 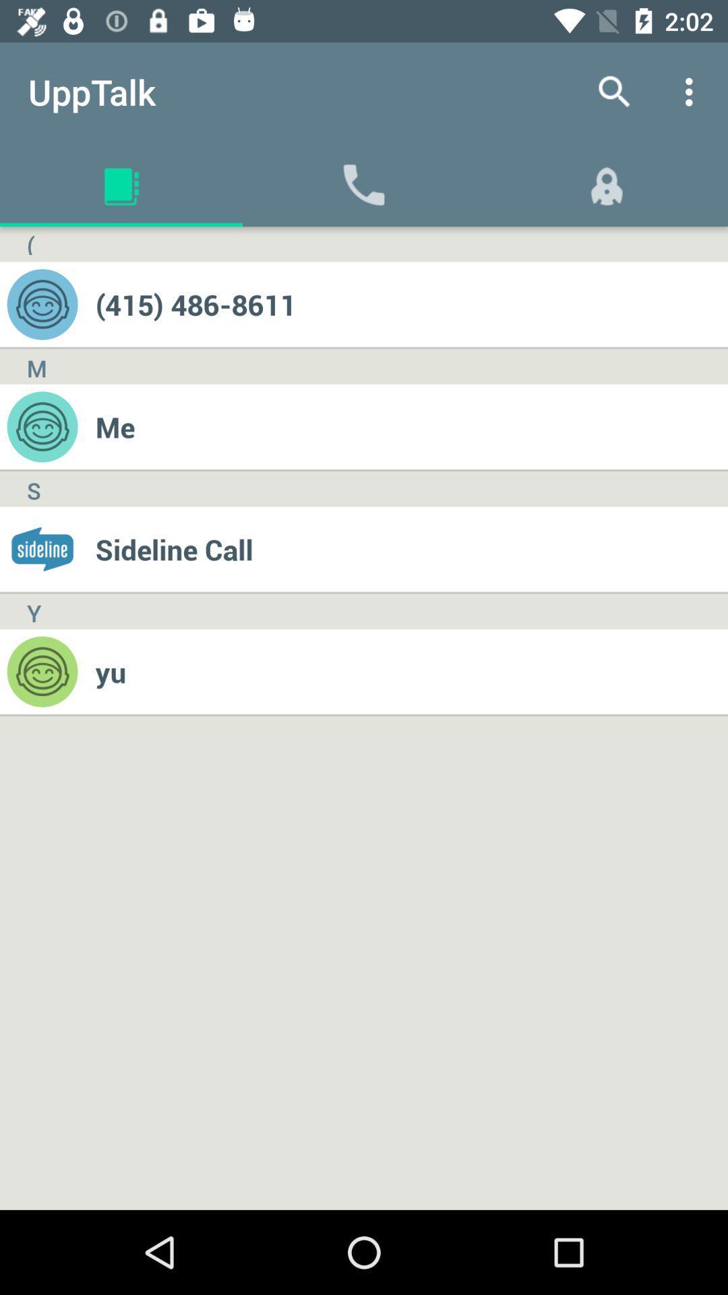 I want to click on phone icon, so click(x=364, y=183).